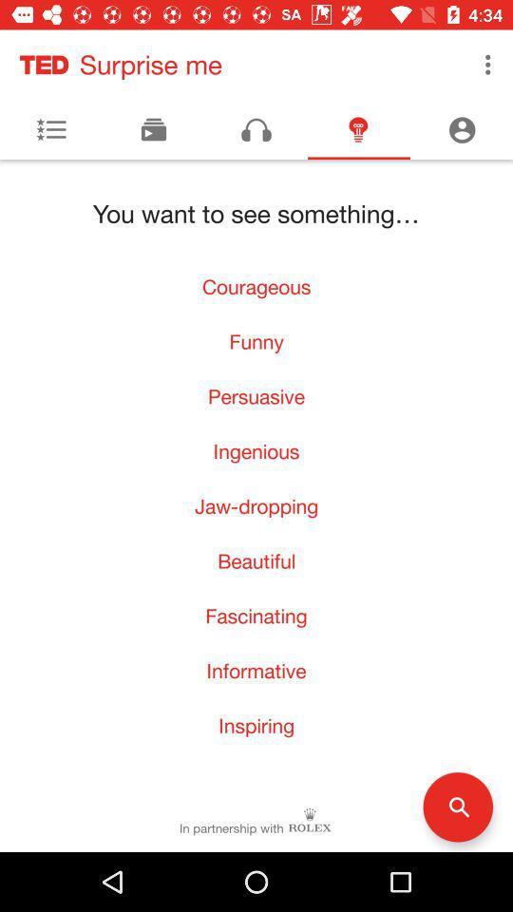  Describe the element at coordinates (487, 65) in the screenshot. I see `the item next to surprise me` at that location.